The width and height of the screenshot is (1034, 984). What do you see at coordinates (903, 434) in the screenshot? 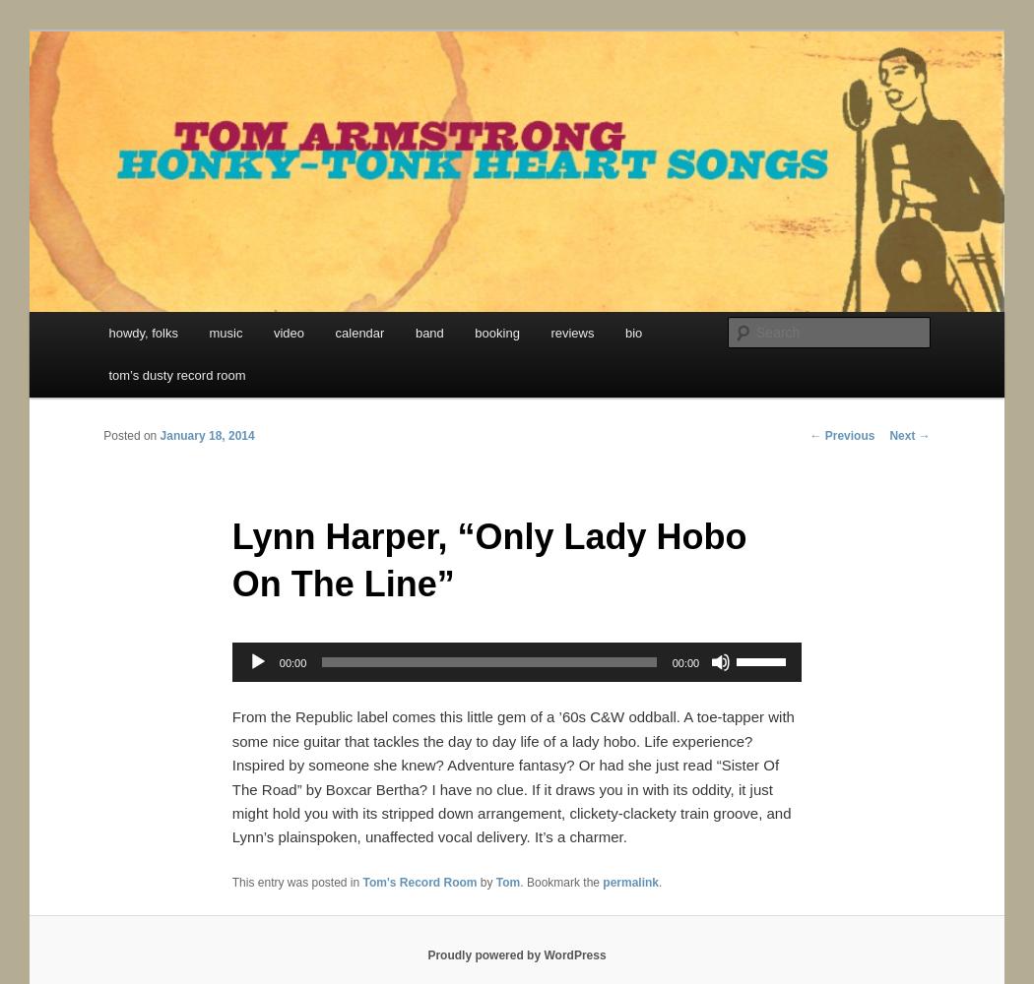
I see `'Next'` at bounding box center [903, 434].